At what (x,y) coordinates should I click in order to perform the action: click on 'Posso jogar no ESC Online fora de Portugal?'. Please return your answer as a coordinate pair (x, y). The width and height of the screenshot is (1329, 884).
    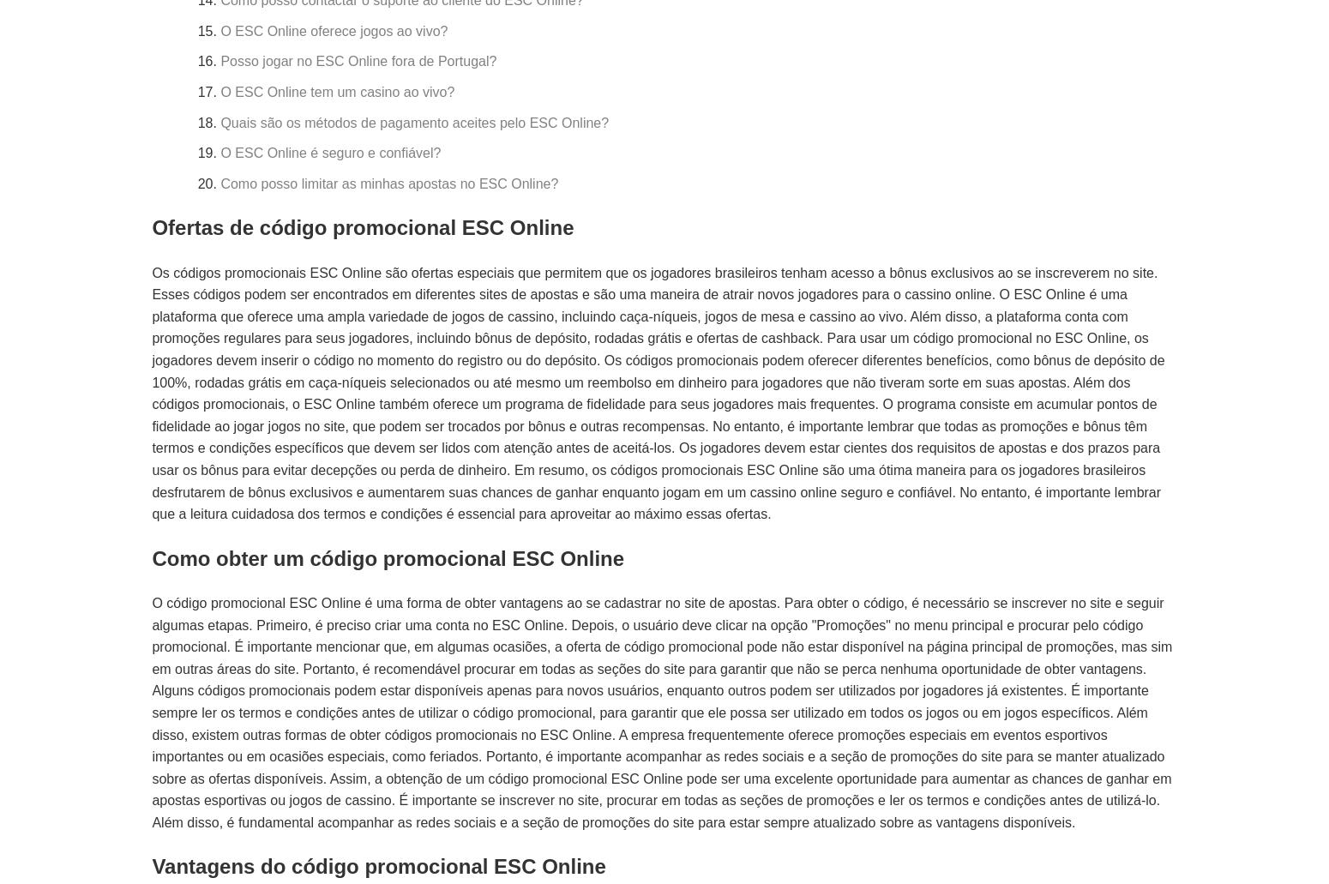
    Looking at the image, I should click on (219, 61).